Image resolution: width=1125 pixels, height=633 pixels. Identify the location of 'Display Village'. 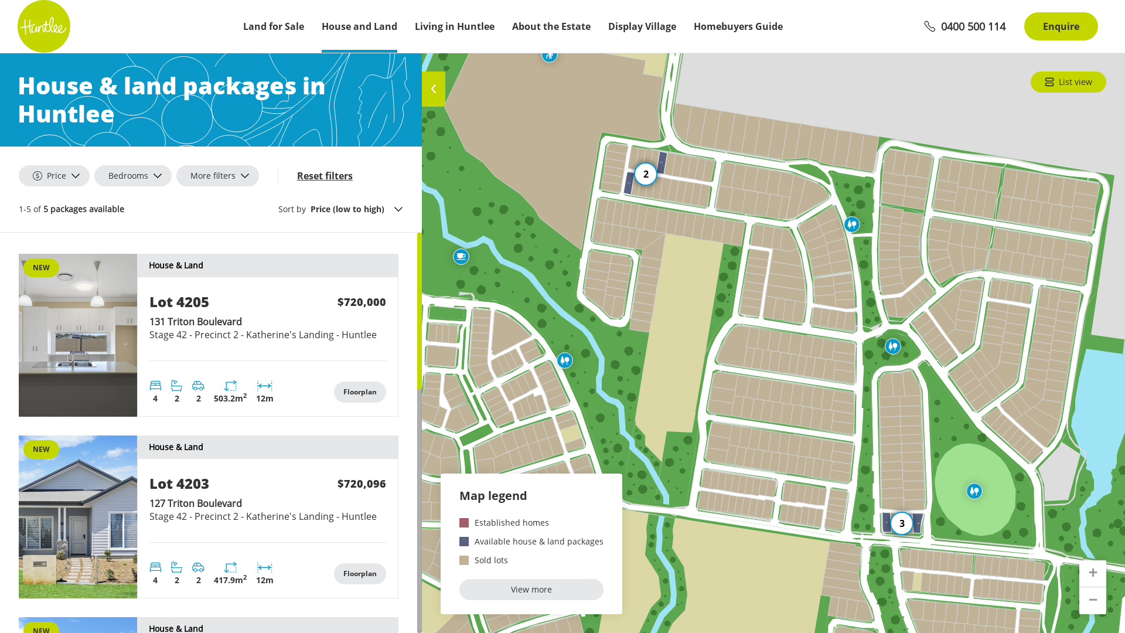
(641, 26).